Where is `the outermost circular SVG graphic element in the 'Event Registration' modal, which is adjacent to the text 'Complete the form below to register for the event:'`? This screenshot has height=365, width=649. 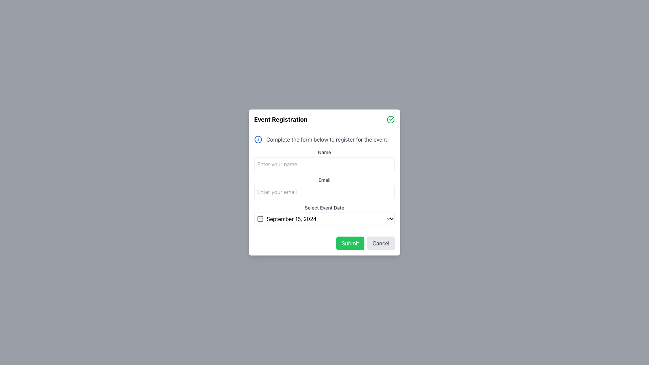
the outermost circular SVG graphic element in the 'Event Registration' modal, which is adjacent to the text 'Complete the form below to register for the event:' is located at coordinates (258, 139).